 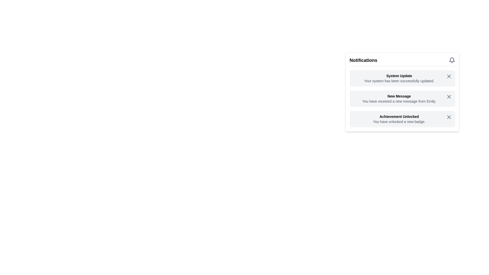 I want to click on the notification entry featuring bold text 'New Message' and smaller gray text 'You have received a new message from Emily.' located in the second slot of the notification panel, so click(x=399, y=99).